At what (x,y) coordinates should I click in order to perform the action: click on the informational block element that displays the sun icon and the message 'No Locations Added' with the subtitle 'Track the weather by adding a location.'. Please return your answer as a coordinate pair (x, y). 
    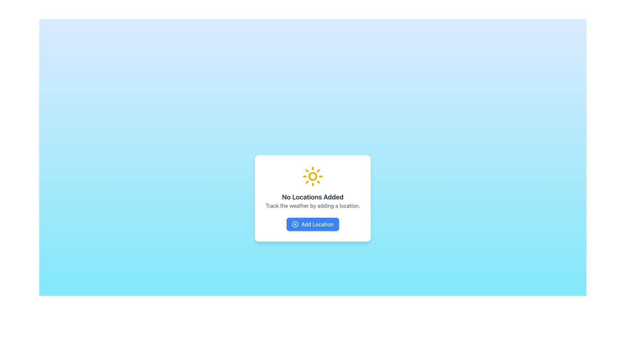
    Looking at the image, I should click on (313, 187).